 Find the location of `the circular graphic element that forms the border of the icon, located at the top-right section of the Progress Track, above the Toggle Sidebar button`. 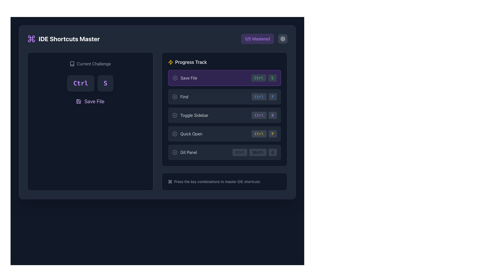

the circular graphic element that forms the border of the icon, located at the top-right section of the Progress Track, above the Toggle Sidebar button is located at coordinates (175, 115).